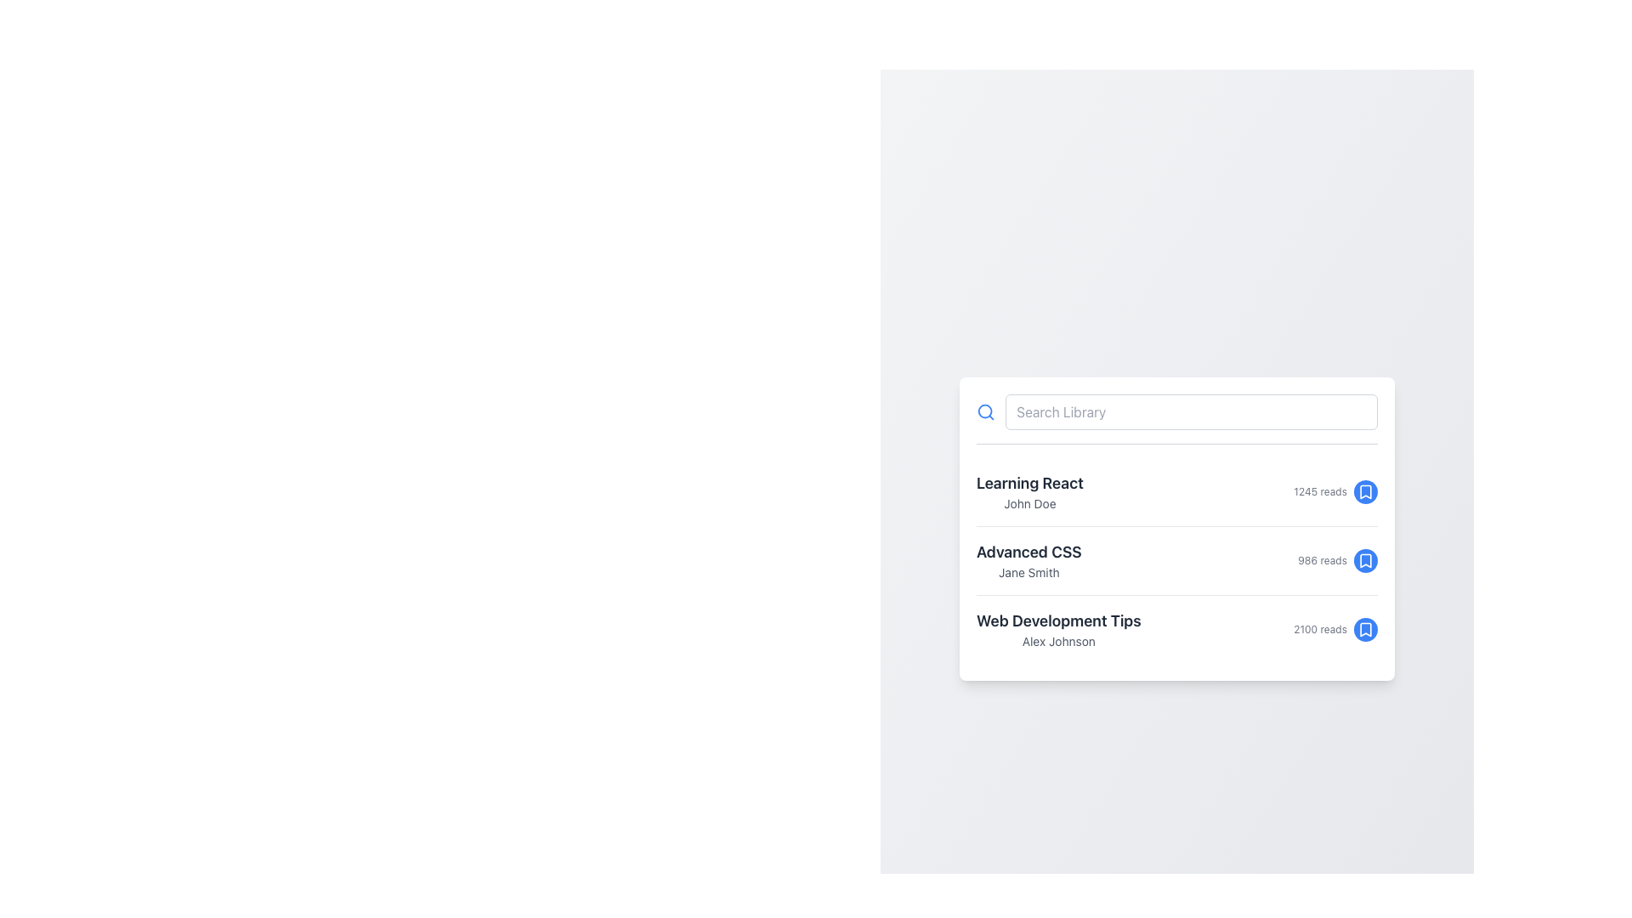  I want to click on the text label 'John Doe', which is a small-sized gray text displayed below the title 'Learning React', so click(1028, 502).